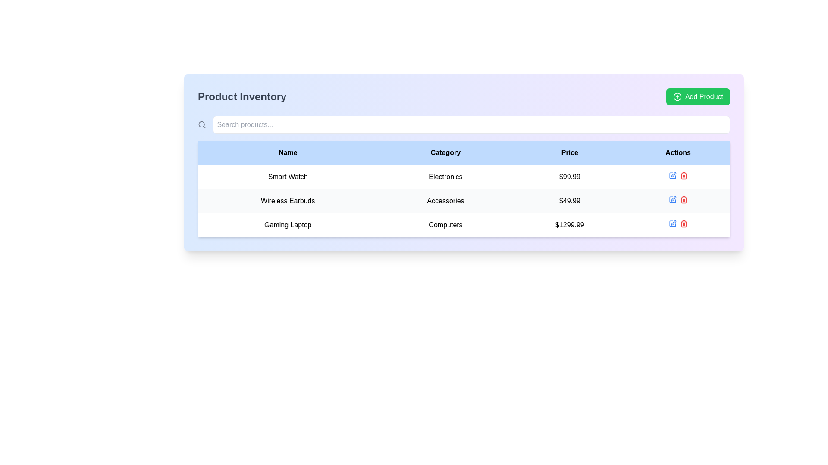 This screenshot has height=465, width=828. What do you see at coordinates (672, 175) in the screenshot?
I see `the edit button located in the 'Actions' column of the first row of the product table, which is aligned with the 'Smart Watch' item` at bounding box center [672, 175].